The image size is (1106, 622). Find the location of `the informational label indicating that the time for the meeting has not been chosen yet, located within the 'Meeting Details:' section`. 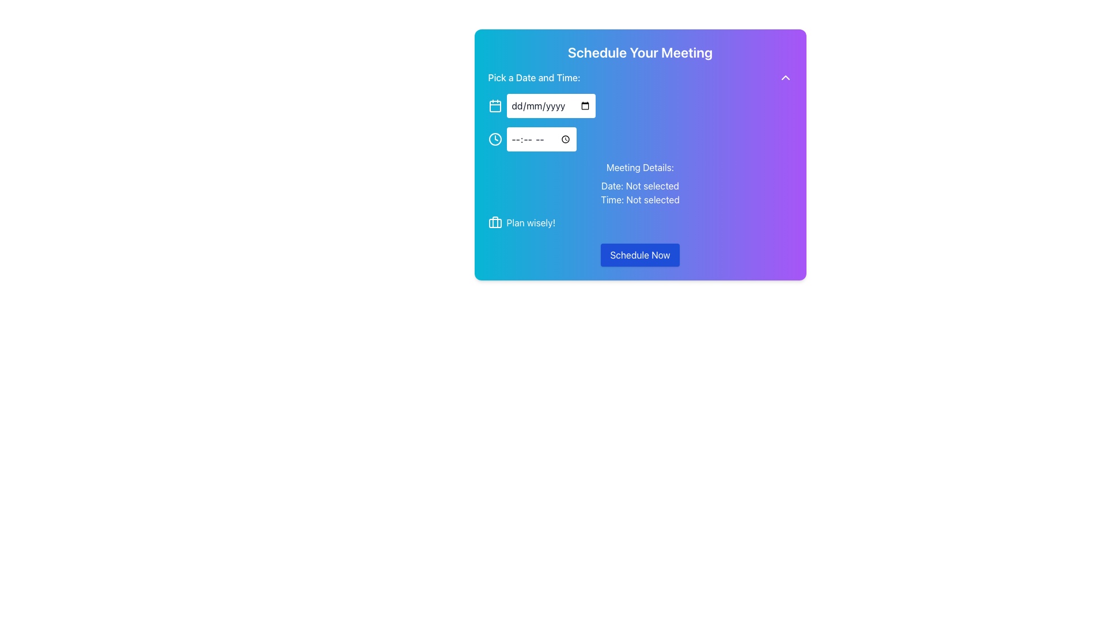

the informational label indicating that the time for the meeting has not been chosen yet, located within the 'Meeting Details:' section is located at coordinates (639, 199).